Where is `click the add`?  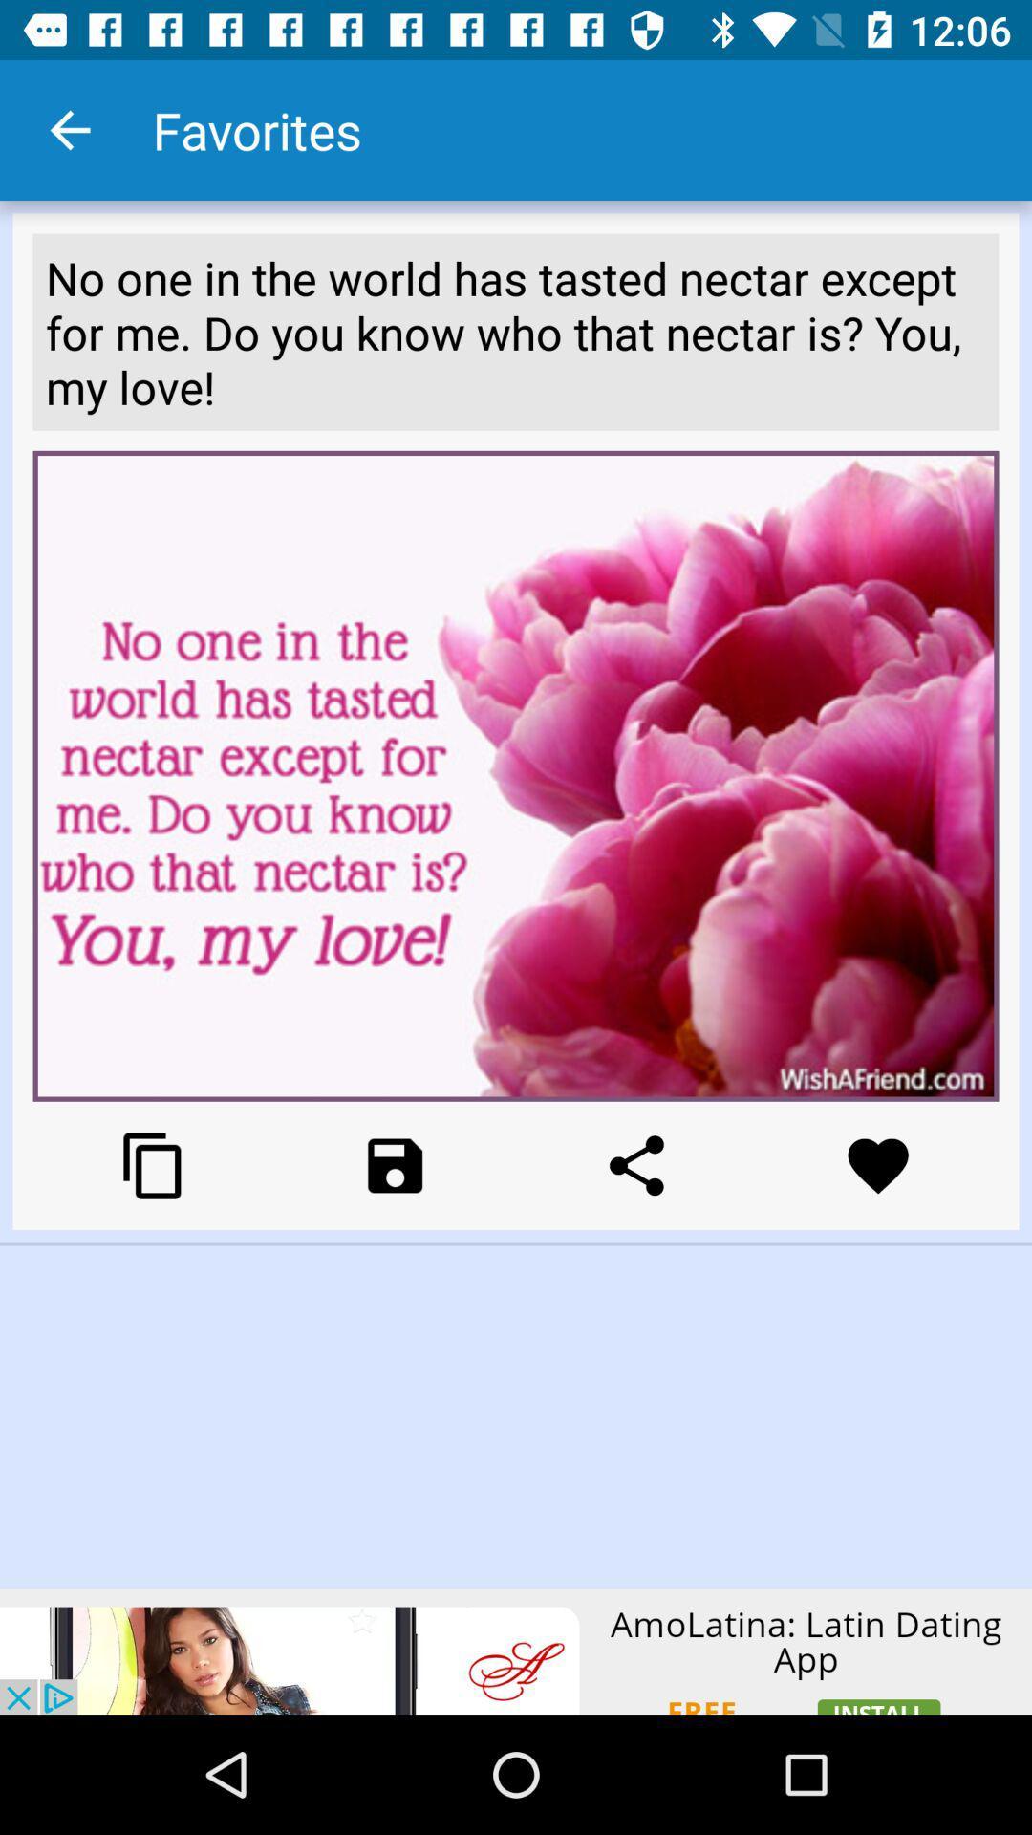
click the add is located at coordinates (516, 1651).